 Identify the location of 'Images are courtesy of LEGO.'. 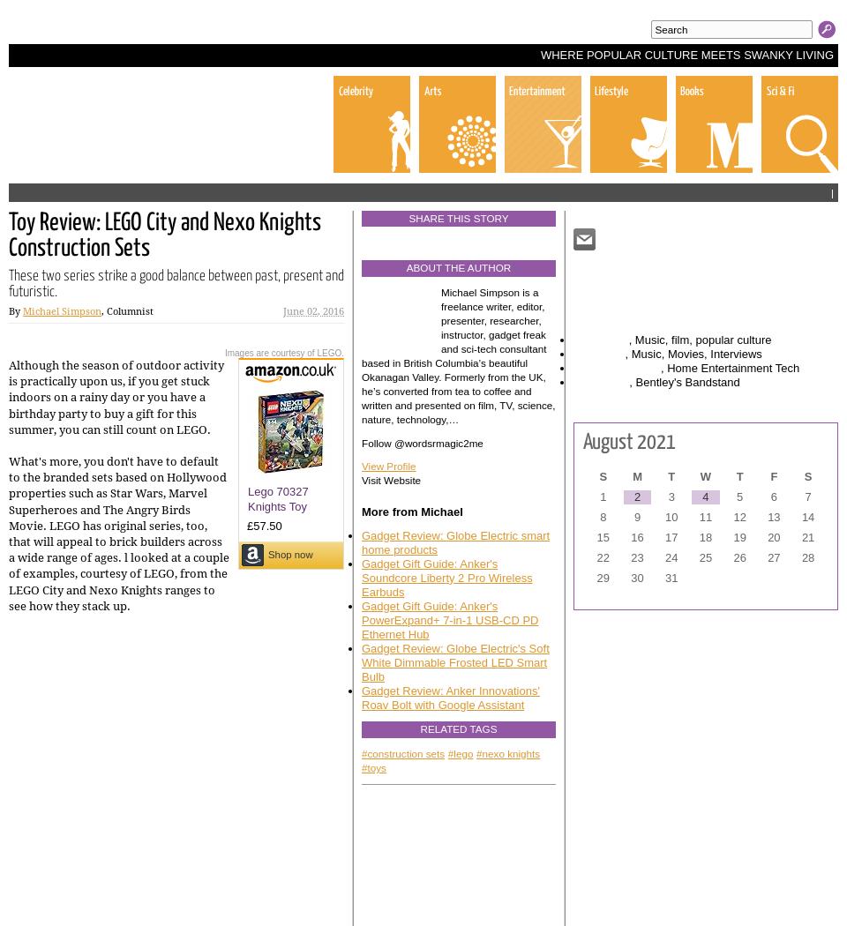
(223, 352).